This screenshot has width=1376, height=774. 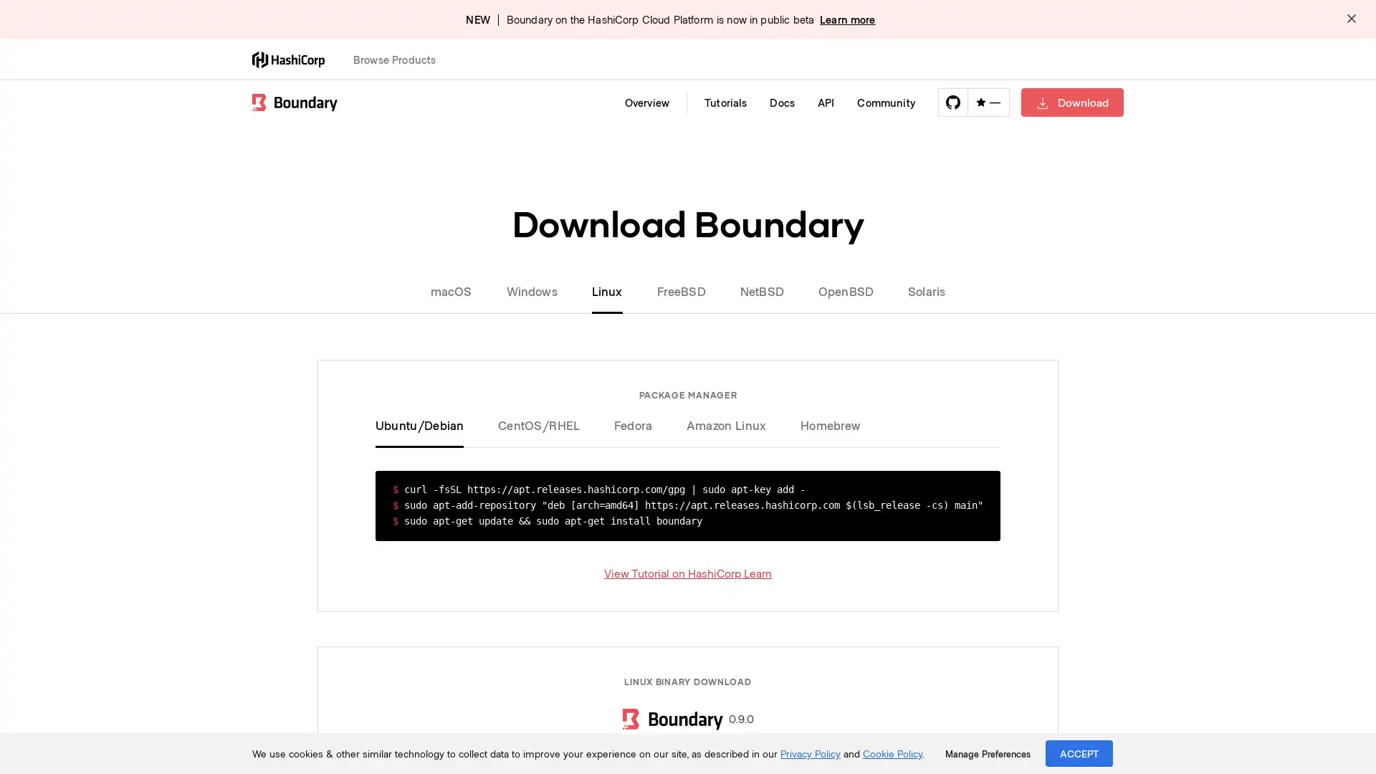 I want to click on macOS, so click(x=459, y=290).